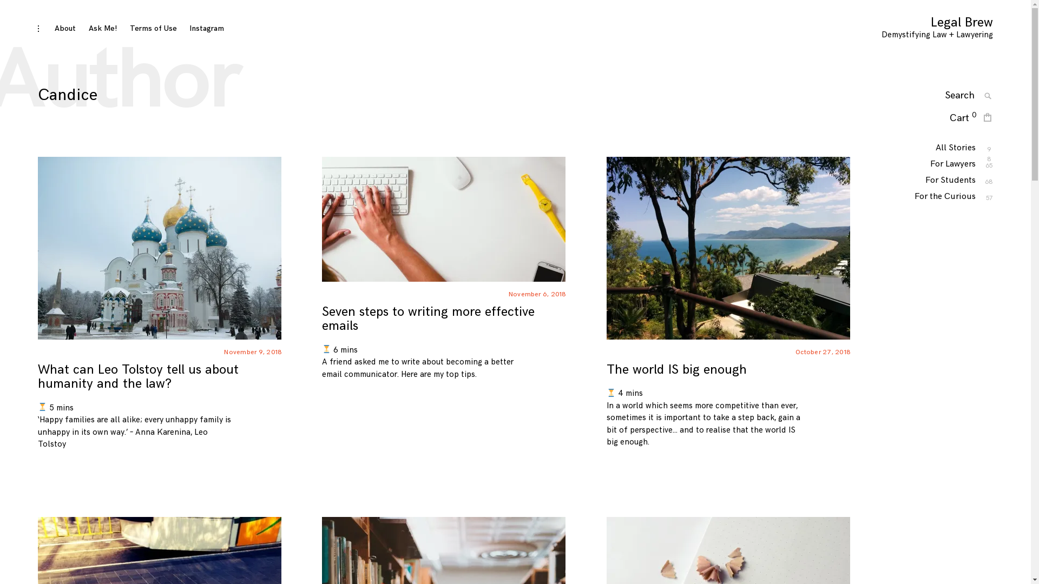 This screenshot has width=1039, height=584. What do you see at coordinates (950, 180) in the screenshot?
I see `'For Students` at bounding box center [950, 180].